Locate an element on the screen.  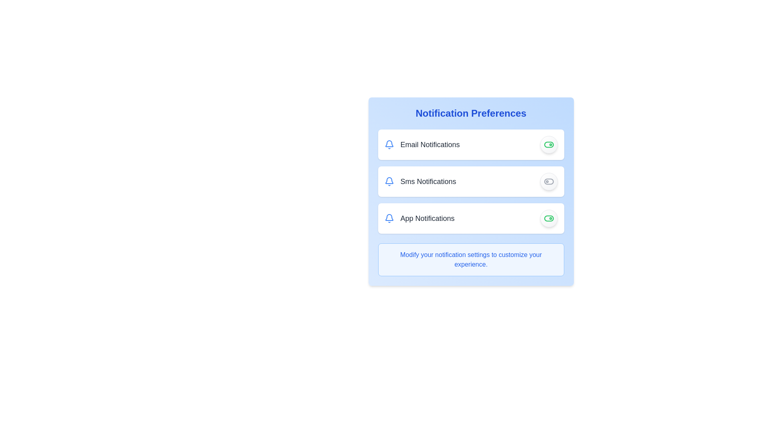
the 'Email Notifications' label with the blue notification bell icon is located at coordinates (421, 145).